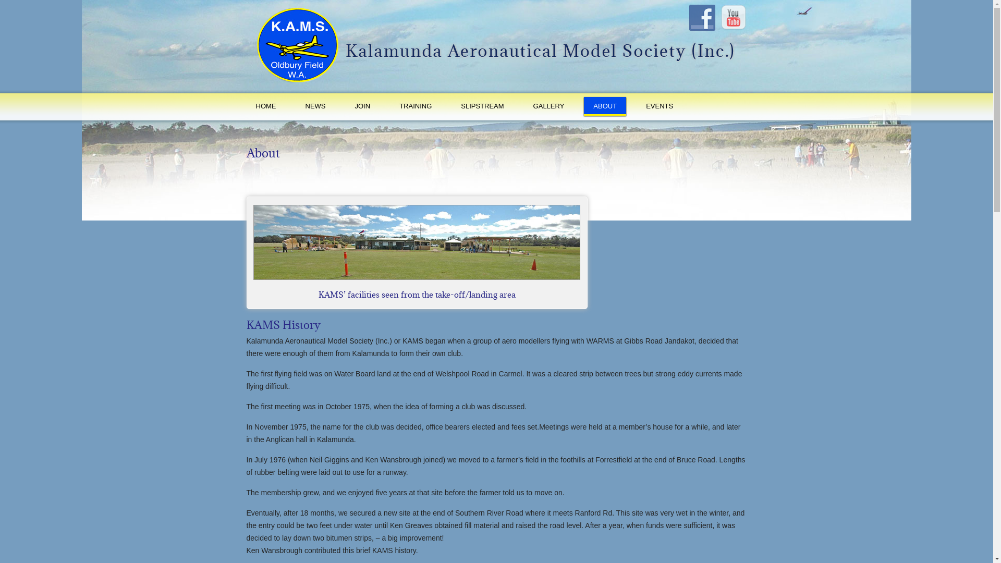 The width and height of the screenshot is (1001, 563). What do you see at coordinates (659, 106) in the screenshot?
I see `'EVENTS'` at bounding box center [659, 106].